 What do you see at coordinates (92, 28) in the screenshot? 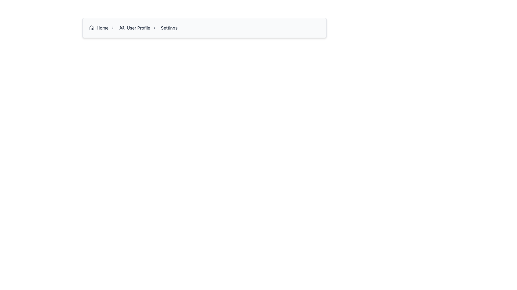
I see `the 'Home' icon in the breadcrumb navigation bar` at bounding box center [92, 28].